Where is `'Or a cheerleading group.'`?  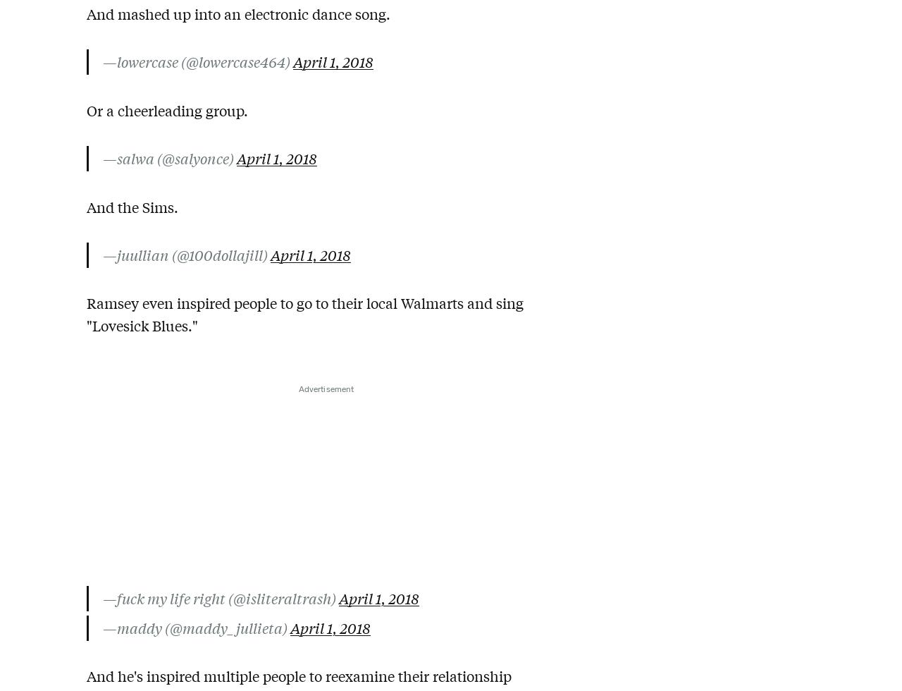
'Or a cheerleading group.' is located at coordinates (167, 109).